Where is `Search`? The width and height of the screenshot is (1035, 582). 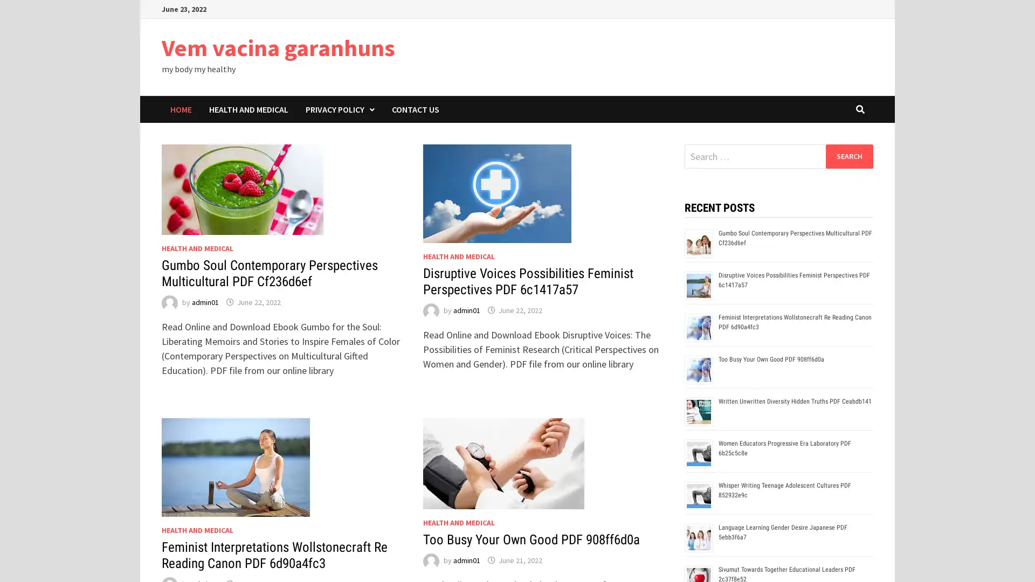 Search is located at coordinates (848, 156).